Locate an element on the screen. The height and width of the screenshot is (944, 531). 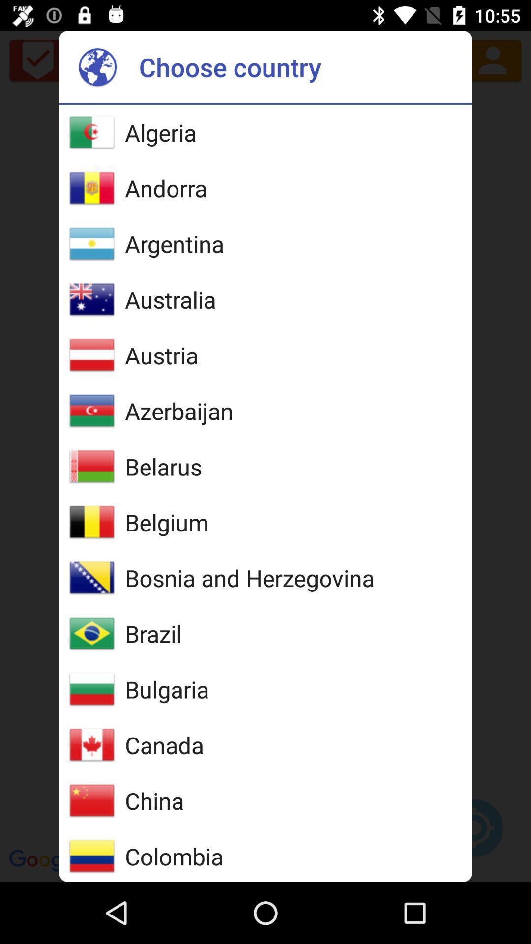
item above bulgaria item is located at coordinates (153, 633).